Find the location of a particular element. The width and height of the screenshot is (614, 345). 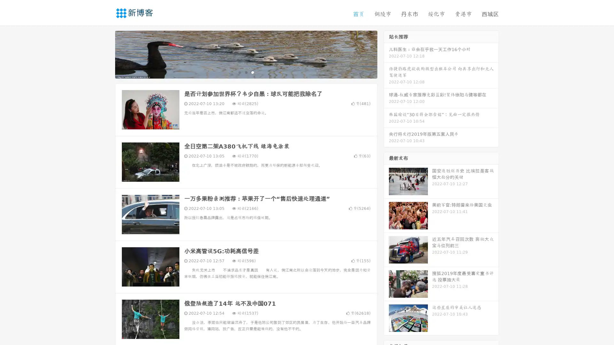

Next slide is located at coordinates (386, 54).